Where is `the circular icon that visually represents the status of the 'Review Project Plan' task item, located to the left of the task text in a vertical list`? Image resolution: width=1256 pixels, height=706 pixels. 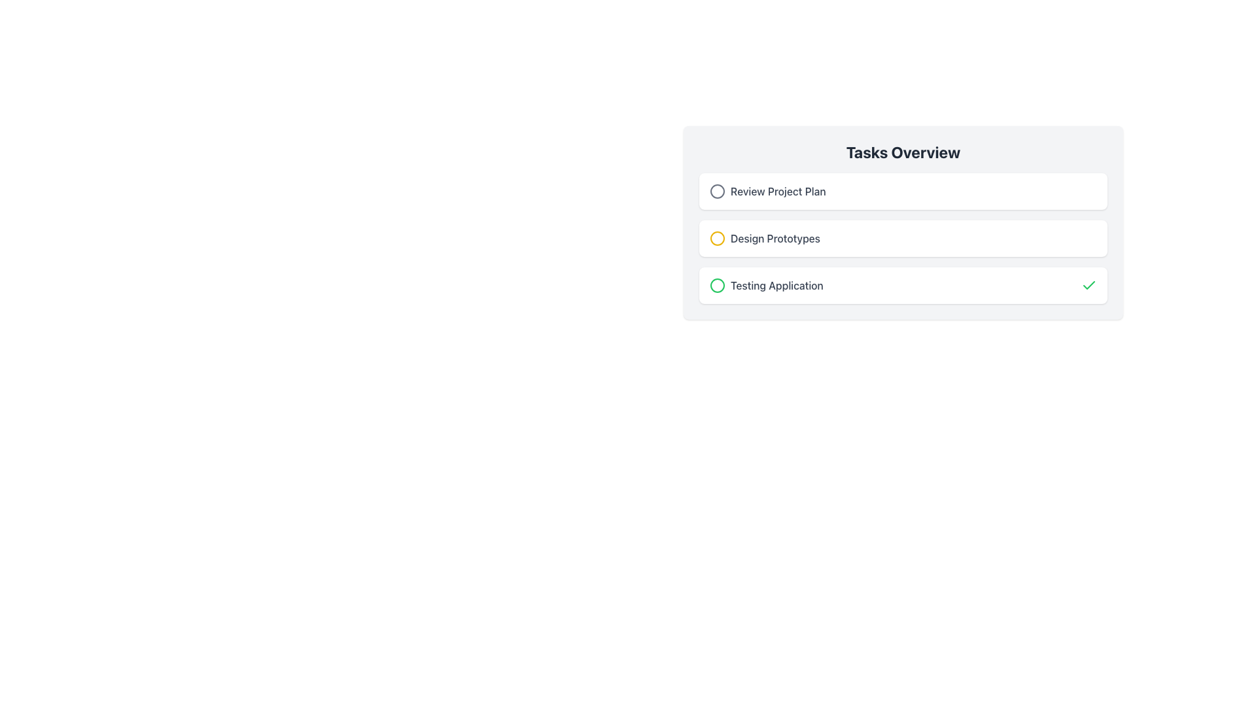 the circular icon that visually represents the status of the 'Review Project Plan' task item, located to the left of the task text in a vertical list is located at coordinates (717, 192).